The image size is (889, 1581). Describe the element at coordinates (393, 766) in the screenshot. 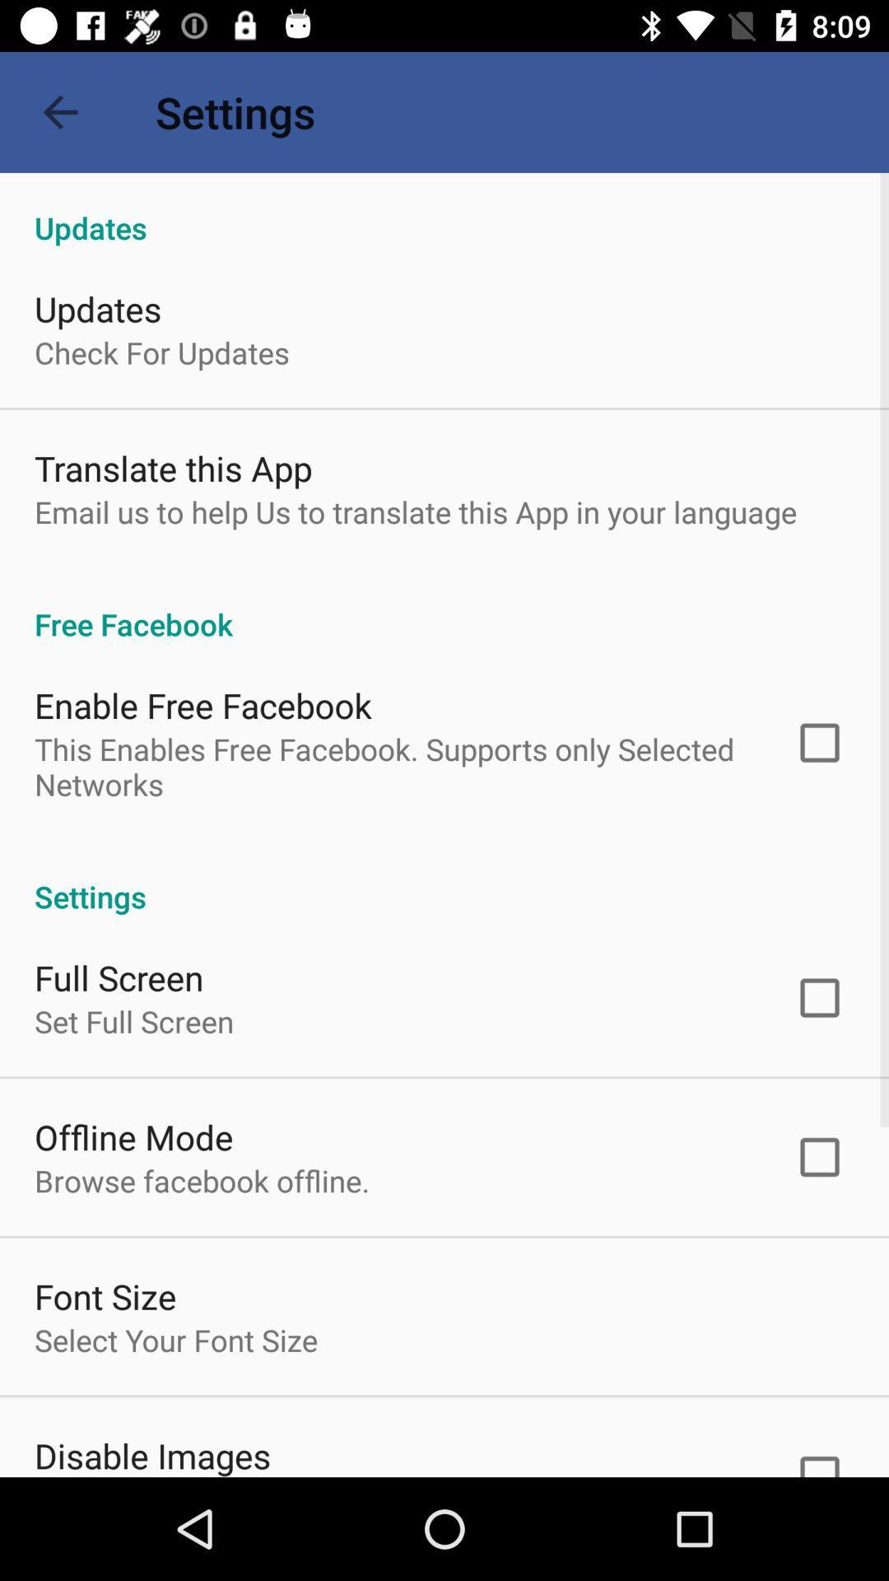

I see `app above the settings icon` at that location.